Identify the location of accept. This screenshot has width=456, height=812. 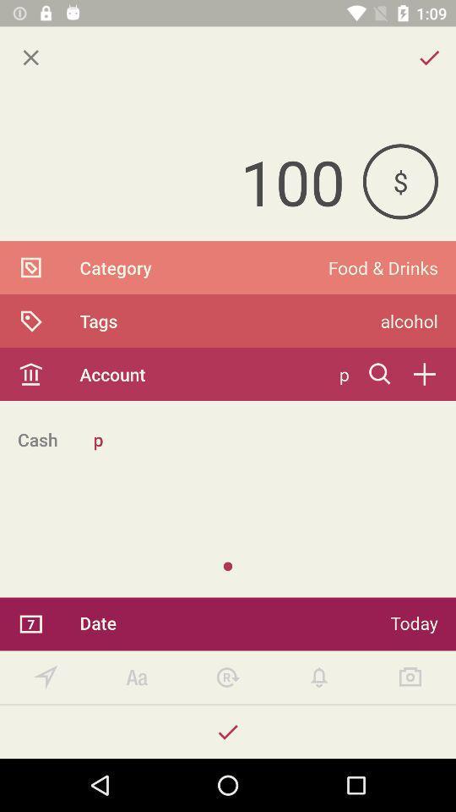
(228, 731).